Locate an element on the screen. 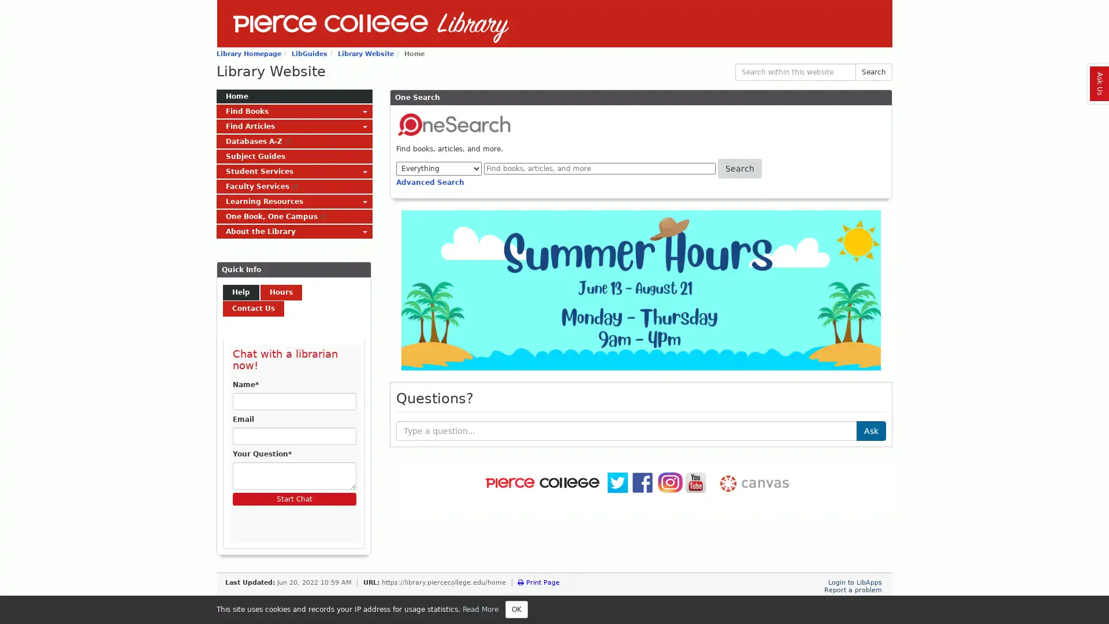 This screenshot has width=1109, height=624. Search is located at coordinates (740, 169).